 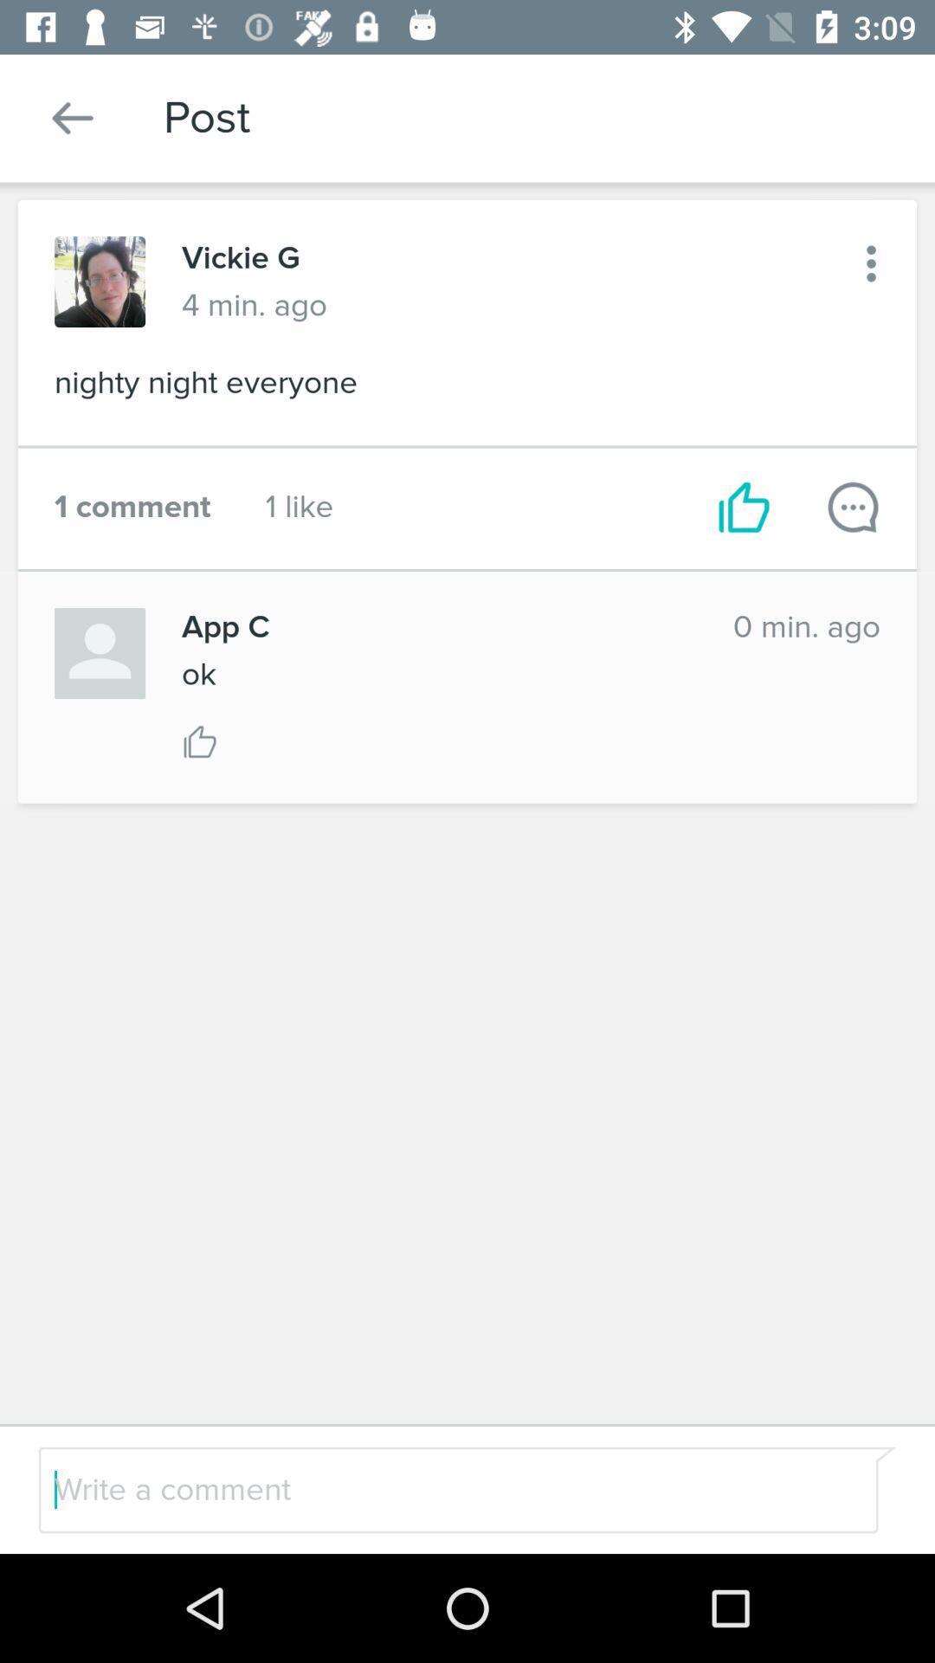 I want to click on the icon to the right of 4 min. ago icon, so click(x=871, y=262).